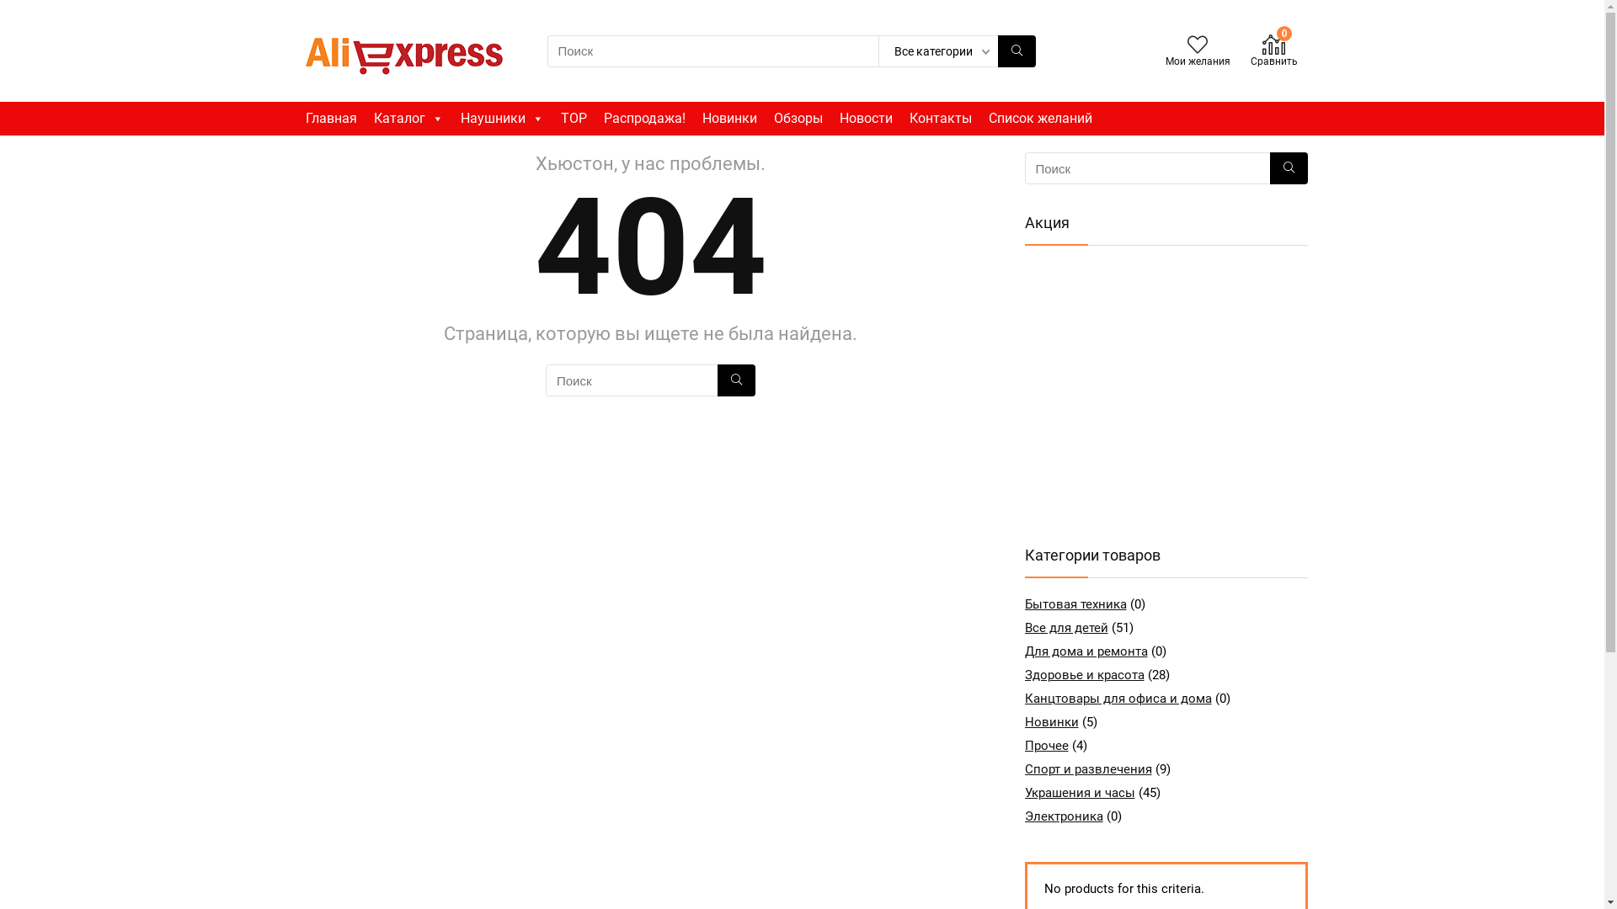 This screenshot has height=909, width=1617. What do you see at coordinates (574, 118) in the screenshot?
I see `'TOP'` at bounding box center [574, 118].